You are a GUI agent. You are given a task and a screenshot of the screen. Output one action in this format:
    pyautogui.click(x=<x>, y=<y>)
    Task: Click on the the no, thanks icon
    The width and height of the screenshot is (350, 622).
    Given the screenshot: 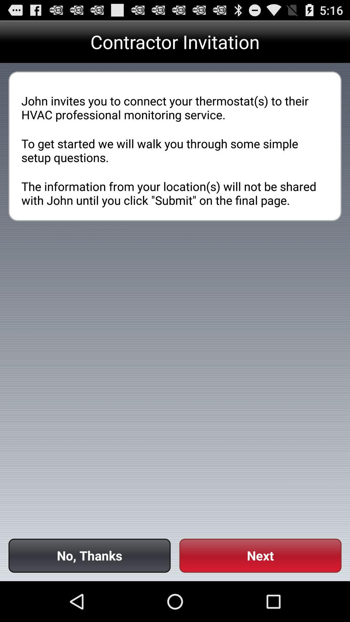 What is the action you would take?
    pyautogui.click(x=89, y=555)
    